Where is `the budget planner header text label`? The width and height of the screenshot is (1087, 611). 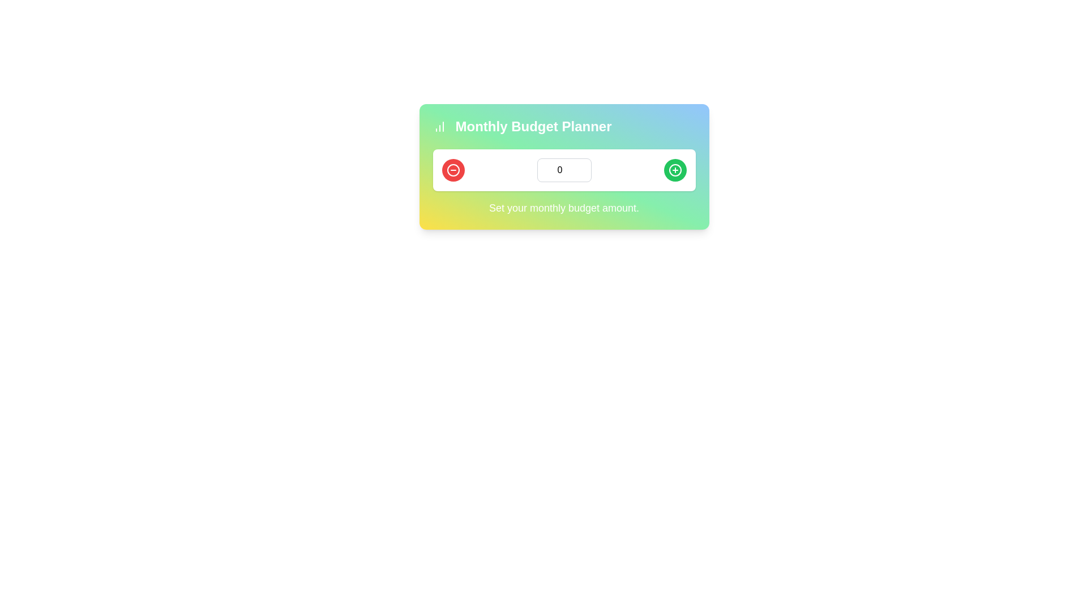
the budget planner header text label is located at coordinates (533, 126).